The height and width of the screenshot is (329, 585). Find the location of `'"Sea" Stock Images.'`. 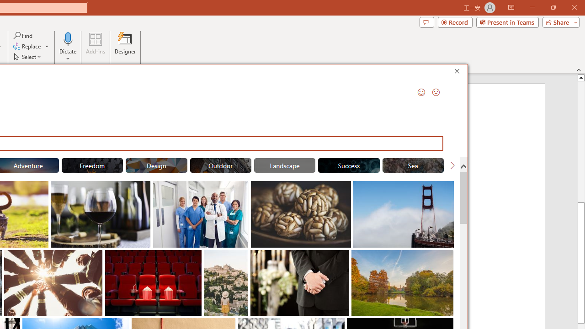

'"Sea" Stock Images.' is located at coordinates (413, 165).